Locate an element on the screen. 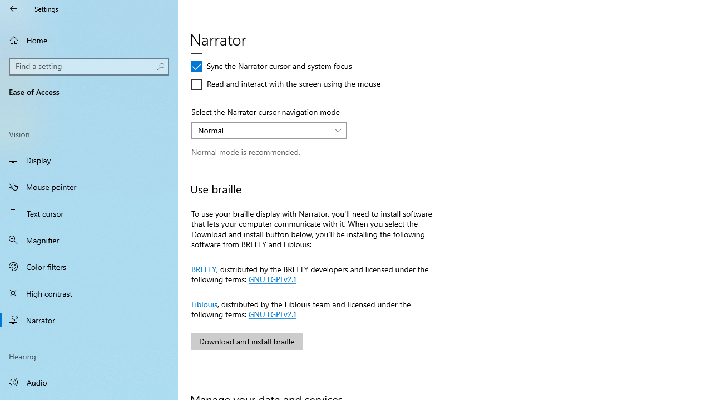 Image resolution: width=712 pixels, height=400 pixels. 'Color filters' is located at coordinates (89, 266).